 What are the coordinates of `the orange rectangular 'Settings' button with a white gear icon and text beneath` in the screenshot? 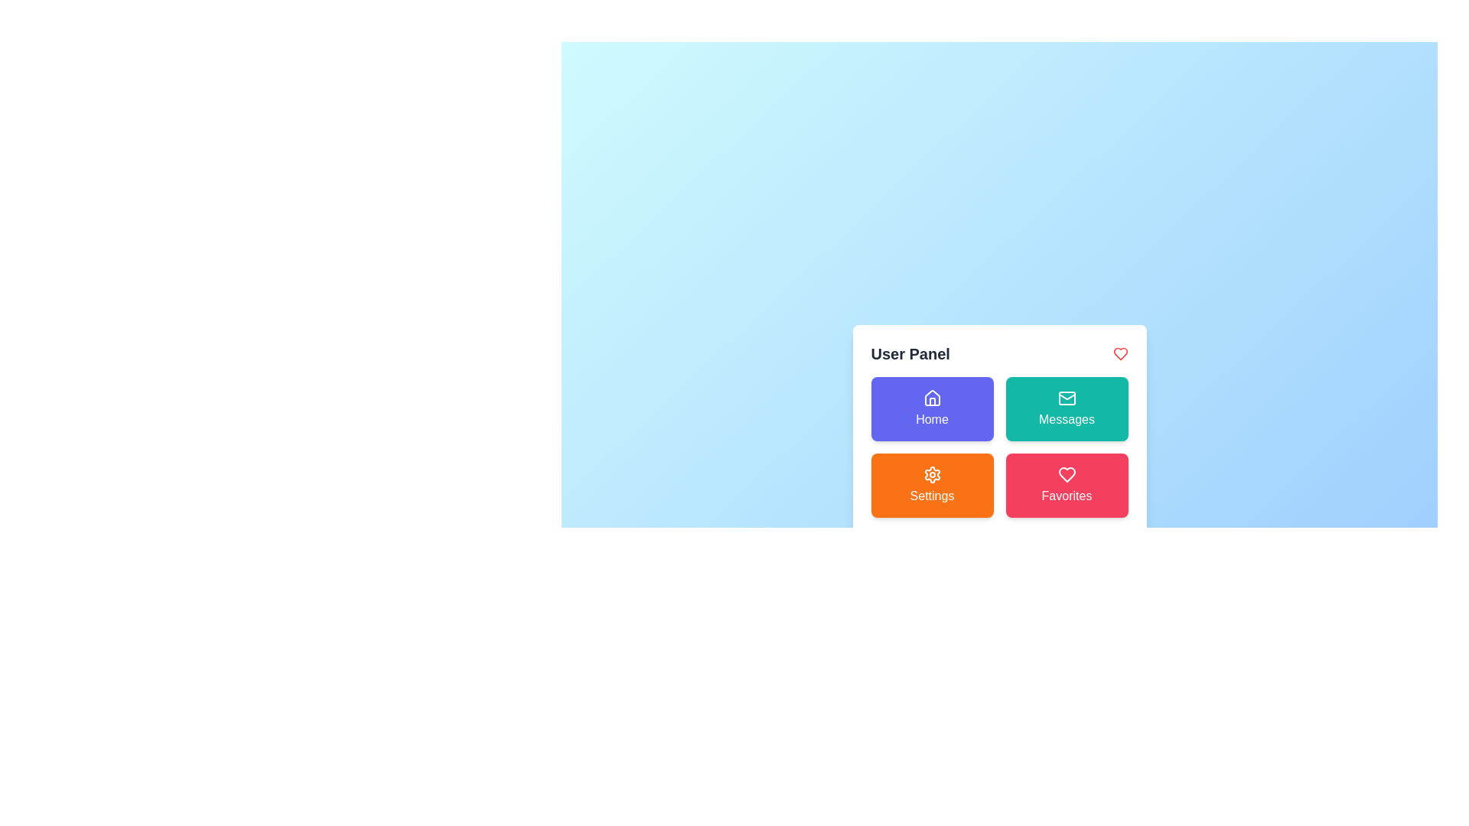 It's located at (931, 486).